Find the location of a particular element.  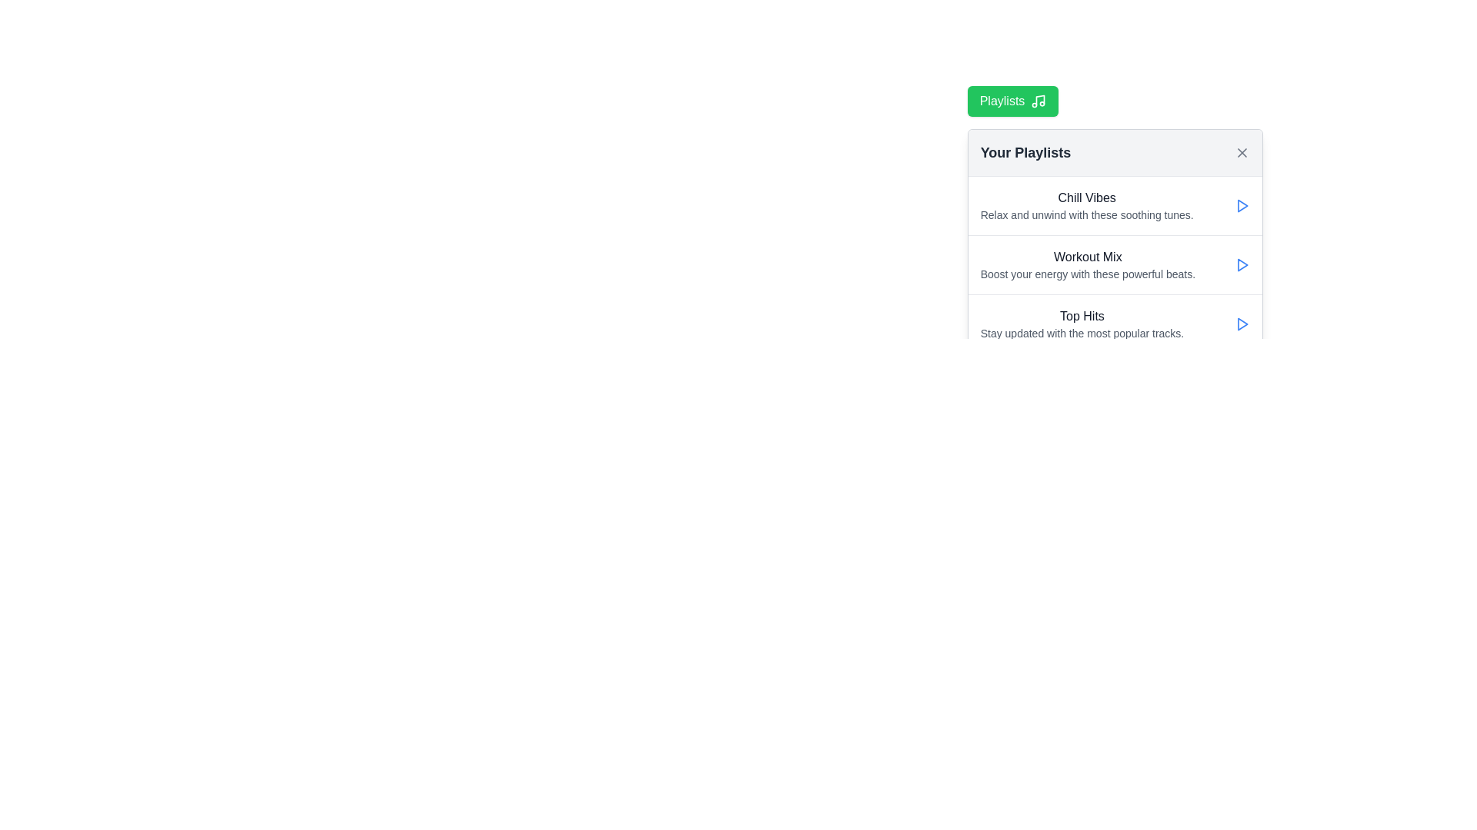

the list item titled 'Workout Mix' which is the second item under 'Your Playlists' is located at coordinates (1115, 264).